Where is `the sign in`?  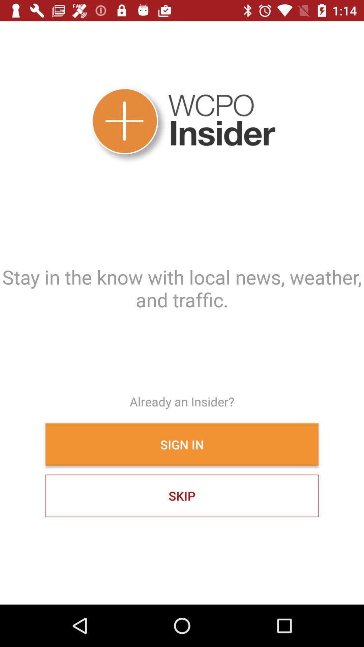
the sign in is located at coordinates (182, 444).